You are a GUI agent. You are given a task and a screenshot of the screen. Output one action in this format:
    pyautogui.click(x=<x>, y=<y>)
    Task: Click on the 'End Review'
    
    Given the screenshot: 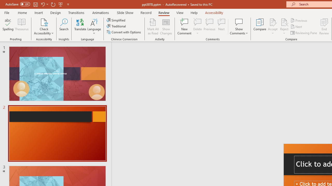 What is the action you would take?
    pyautogui.click(x=324, y=27)
    